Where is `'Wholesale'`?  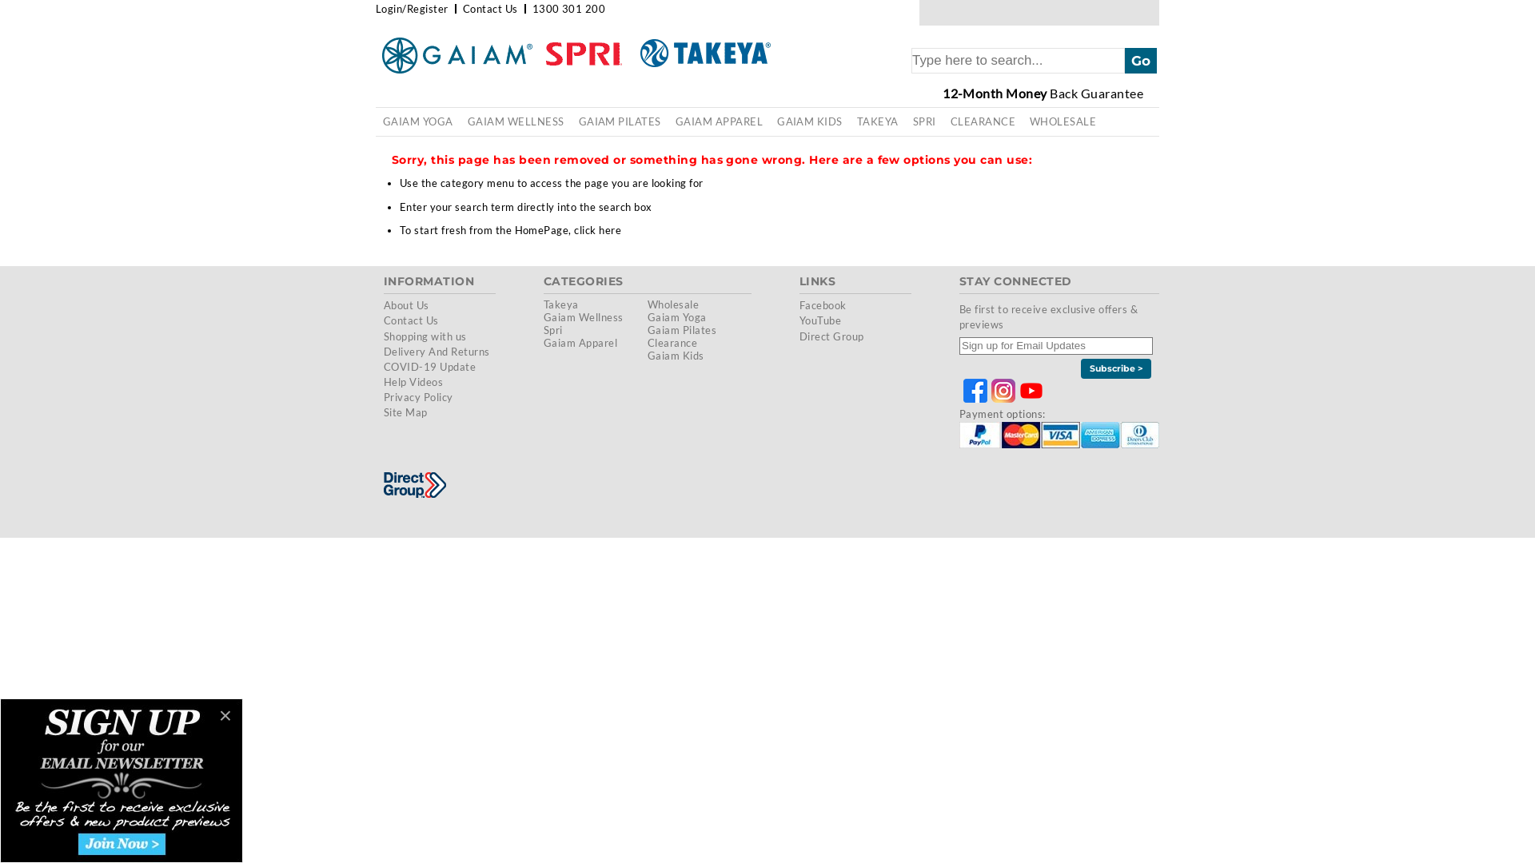 'Wholesale' is located at coordinates (672, 304).